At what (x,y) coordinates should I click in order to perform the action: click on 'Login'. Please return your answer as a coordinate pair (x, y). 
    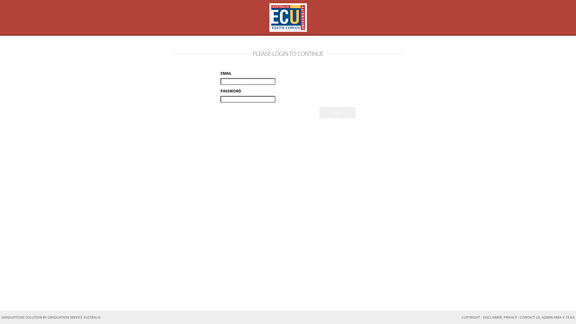
    Looking at the image, I should click on (337, 112).